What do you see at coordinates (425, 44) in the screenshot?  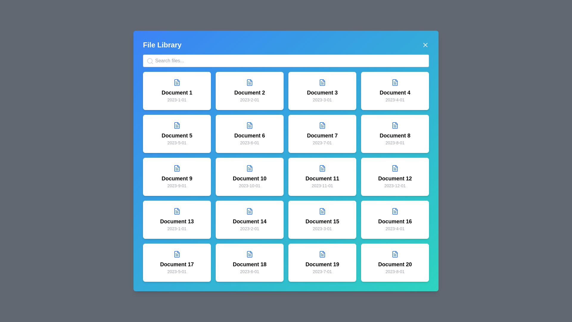 I see `the close button to hide the file library` at bounding box center [425, 44].